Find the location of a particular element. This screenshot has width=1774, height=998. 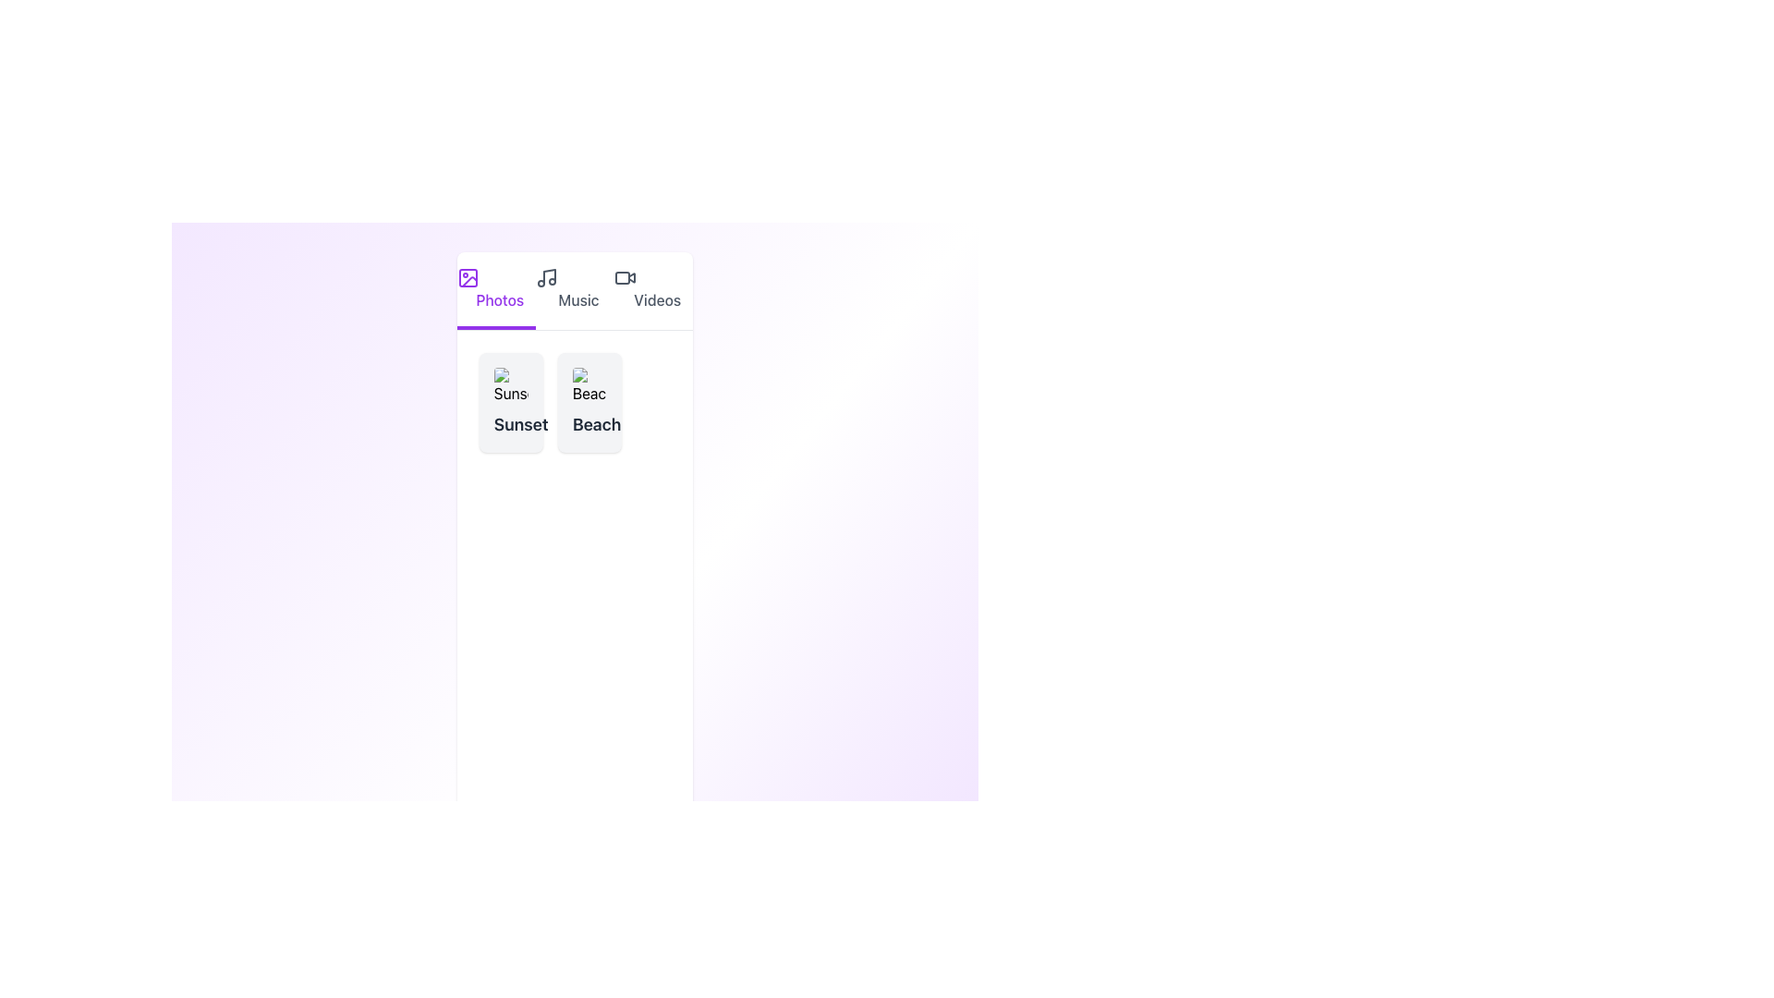

the video camera icon located at the leftmost position of the 'Videos' tab in the top navigation bar for visual identification is located at coordinates (626, 277).